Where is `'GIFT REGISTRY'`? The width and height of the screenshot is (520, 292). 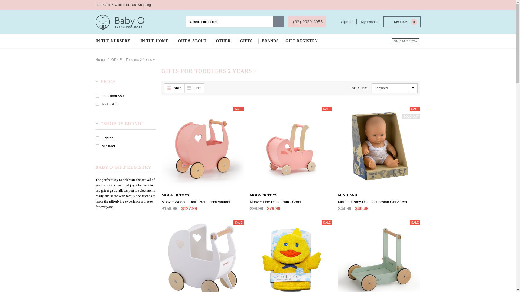
'GIFT REGISTRY' is located at coordinates (303, 41).